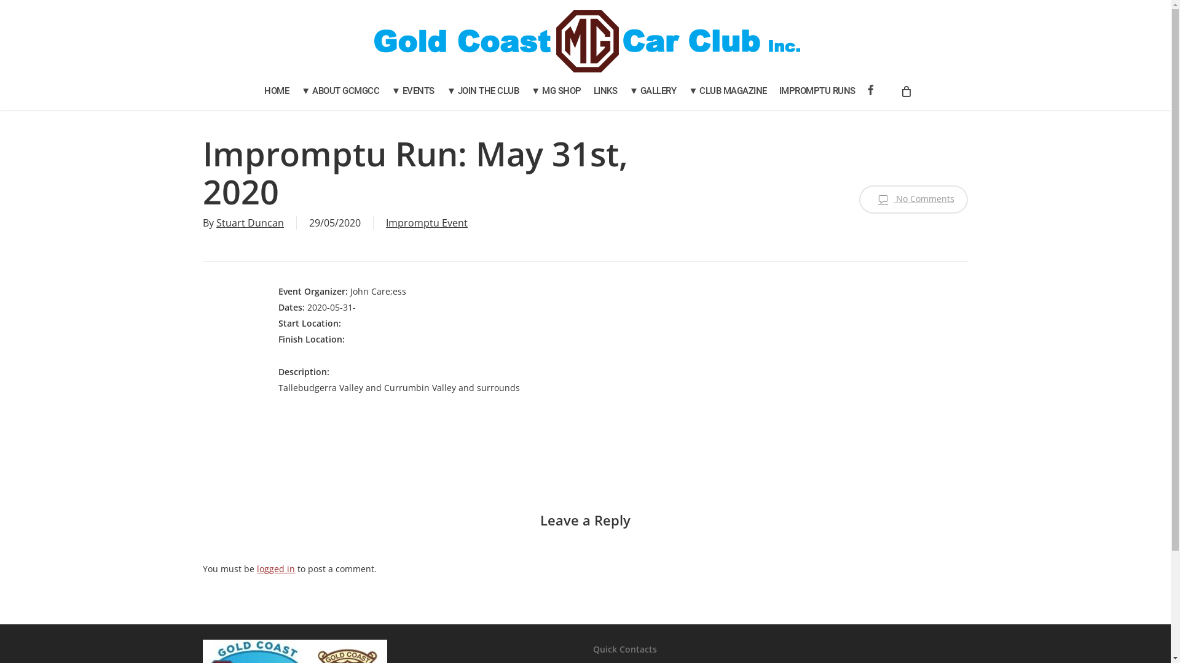  What do you see at coordinates (275, 568) in the screenshot?
I see `'logged in'` at bounding box center [275, 568].